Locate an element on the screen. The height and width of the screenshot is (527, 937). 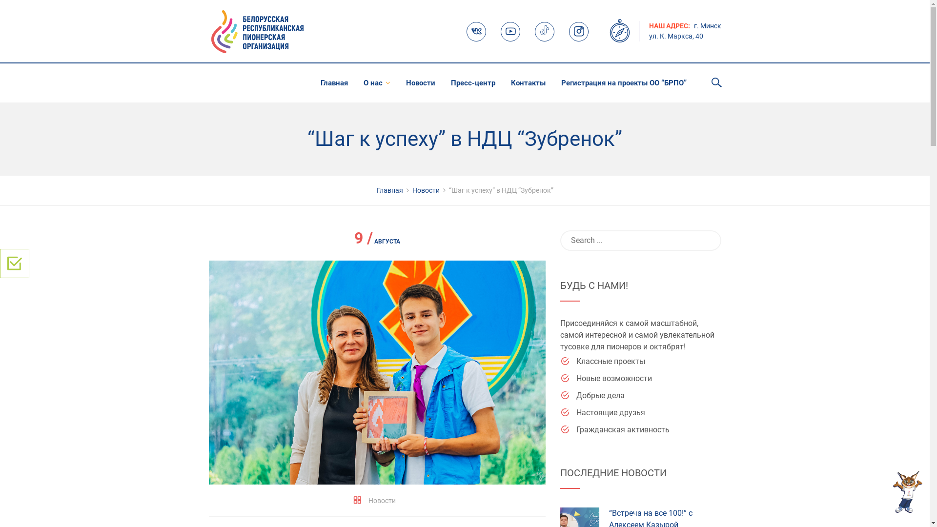
'Search for:' is located at coordinates (641, 241).